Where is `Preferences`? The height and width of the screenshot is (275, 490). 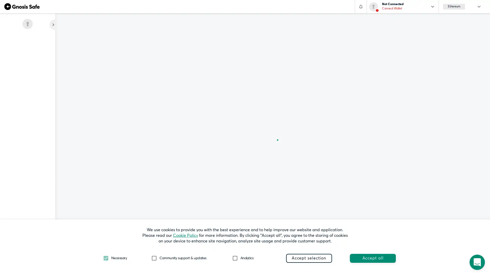 Preferences is located at coordinates (311, 267).